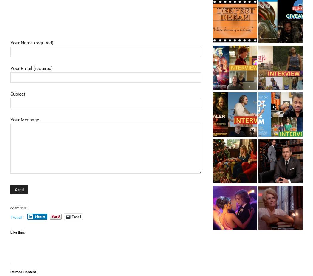 This screenshot has width=313, height=276. I want to click on 'Share', so click(39, 216).